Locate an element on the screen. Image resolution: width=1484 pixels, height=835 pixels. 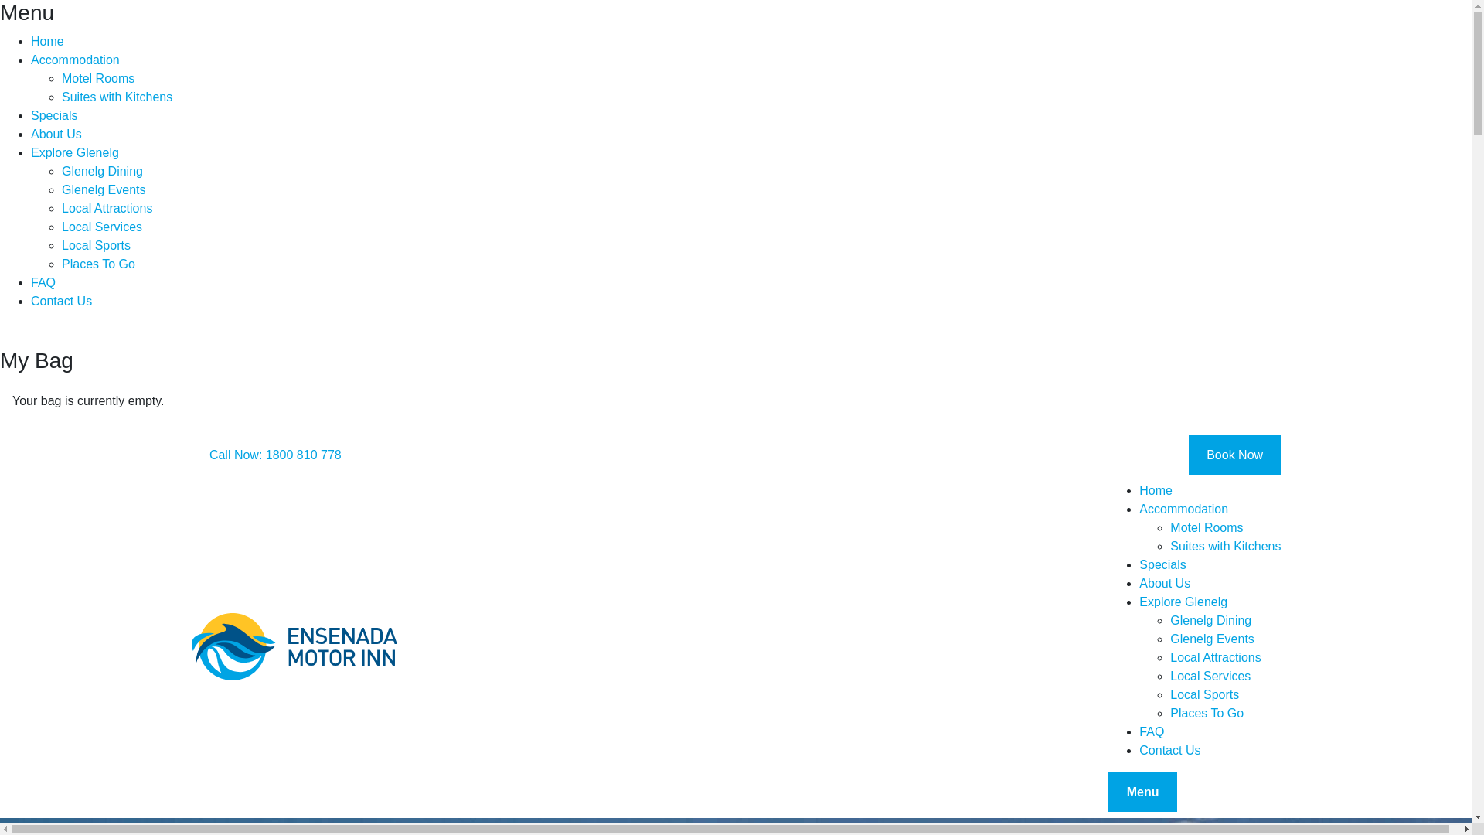
'Local Attractions' is located at coordinates (1224, 658).